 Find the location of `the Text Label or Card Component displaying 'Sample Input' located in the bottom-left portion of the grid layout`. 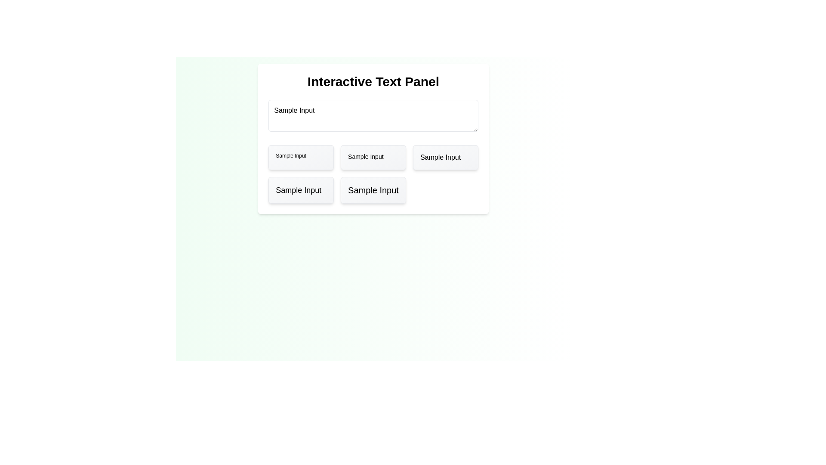

the Text Label or Card Component displaying 'Sample Input' located in the bottom-left portion of the grid layout is located at coordinates (301, 190).